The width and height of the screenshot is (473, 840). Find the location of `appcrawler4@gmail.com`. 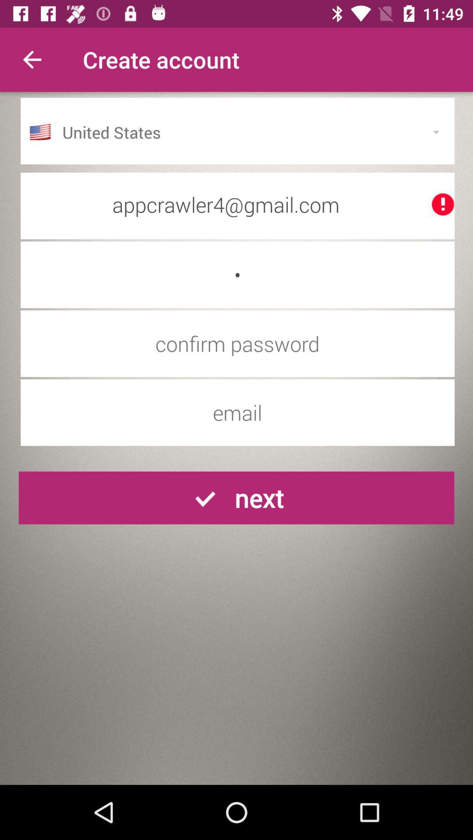

appcrawler4@gmail.com is located at coordinates (237, 204).